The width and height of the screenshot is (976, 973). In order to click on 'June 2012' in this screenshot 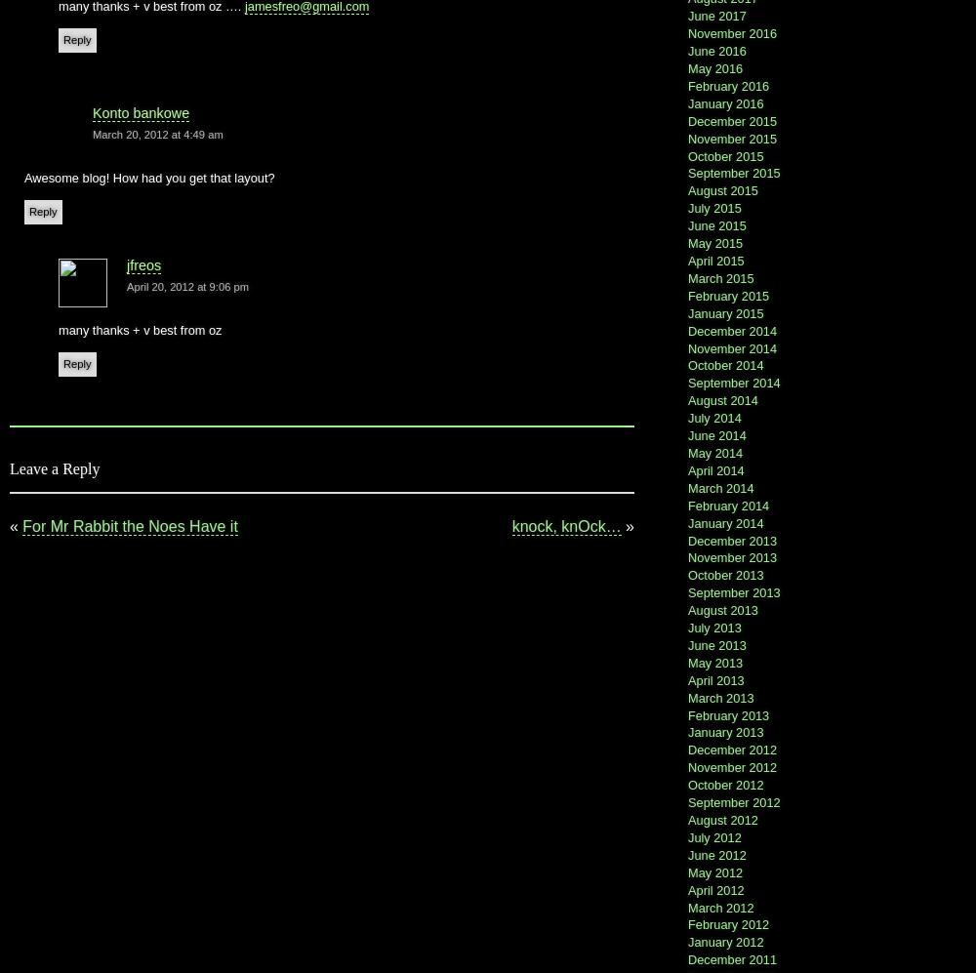, I will do `click(715, 853)`.